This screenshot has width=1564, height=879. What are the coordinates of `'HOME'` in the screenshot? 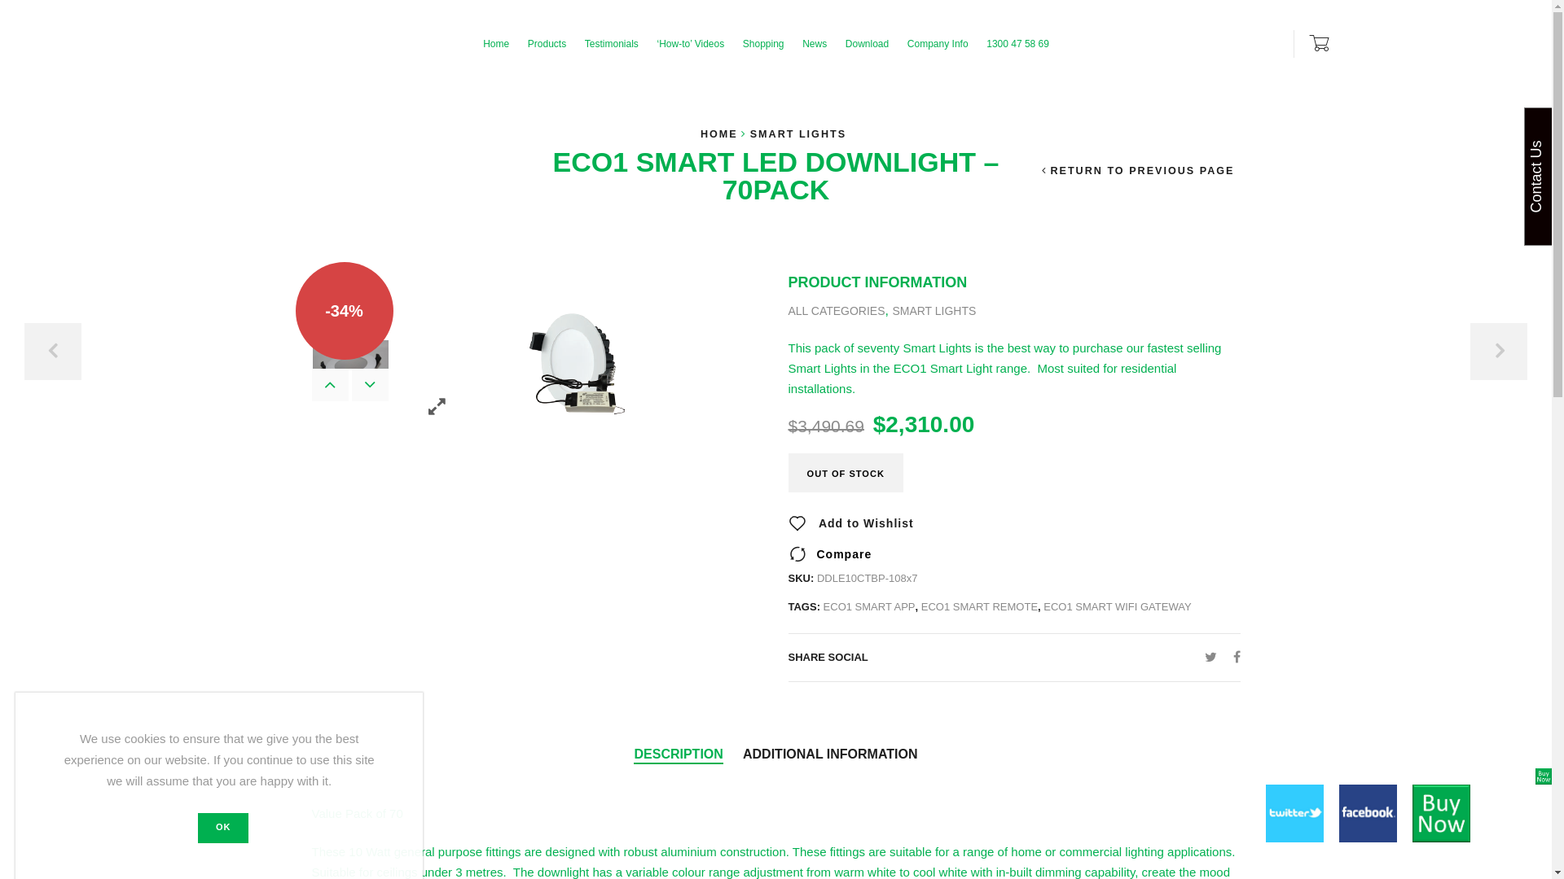 It's located at (718, 133).